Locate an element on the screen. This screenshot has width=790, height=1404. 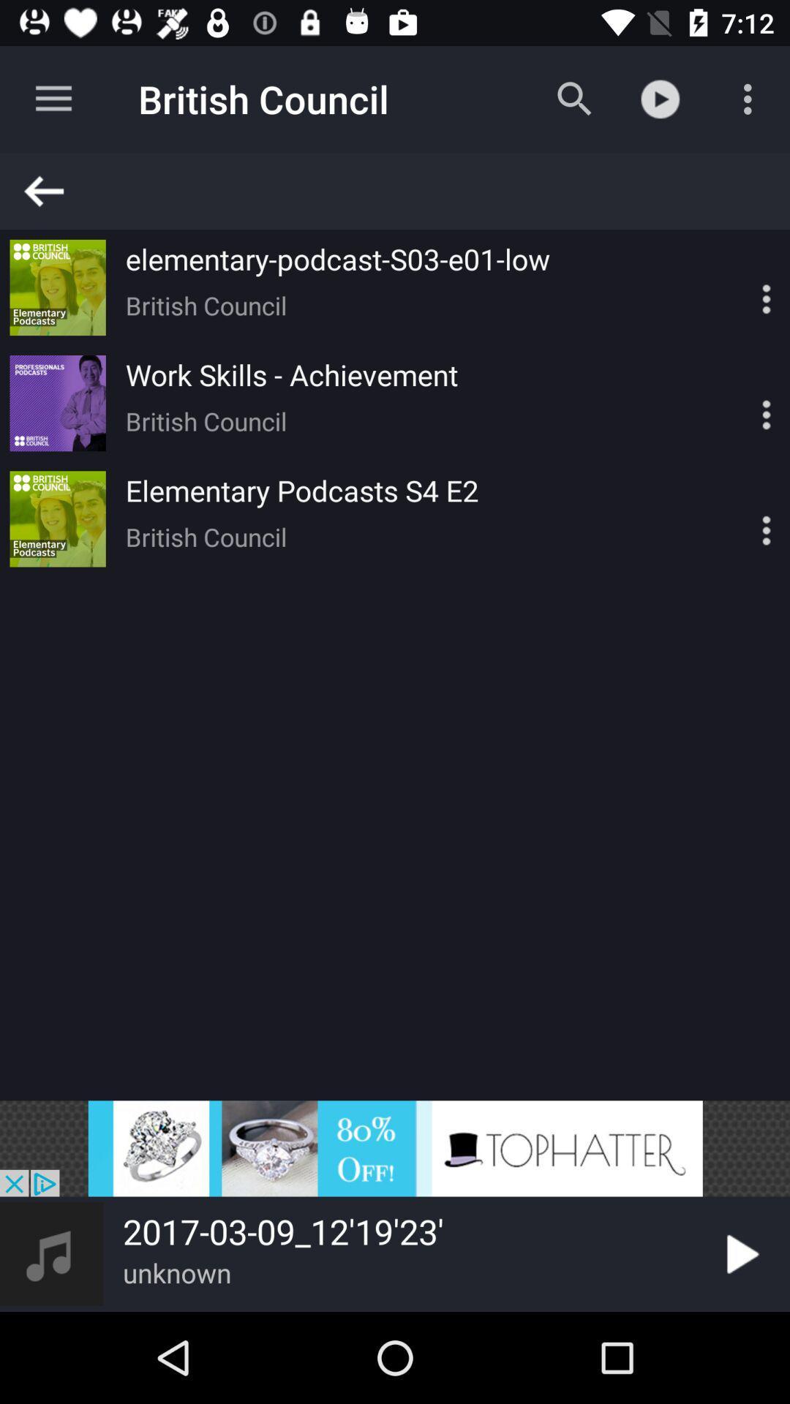
advertising is located at coordinates (395, 1147).